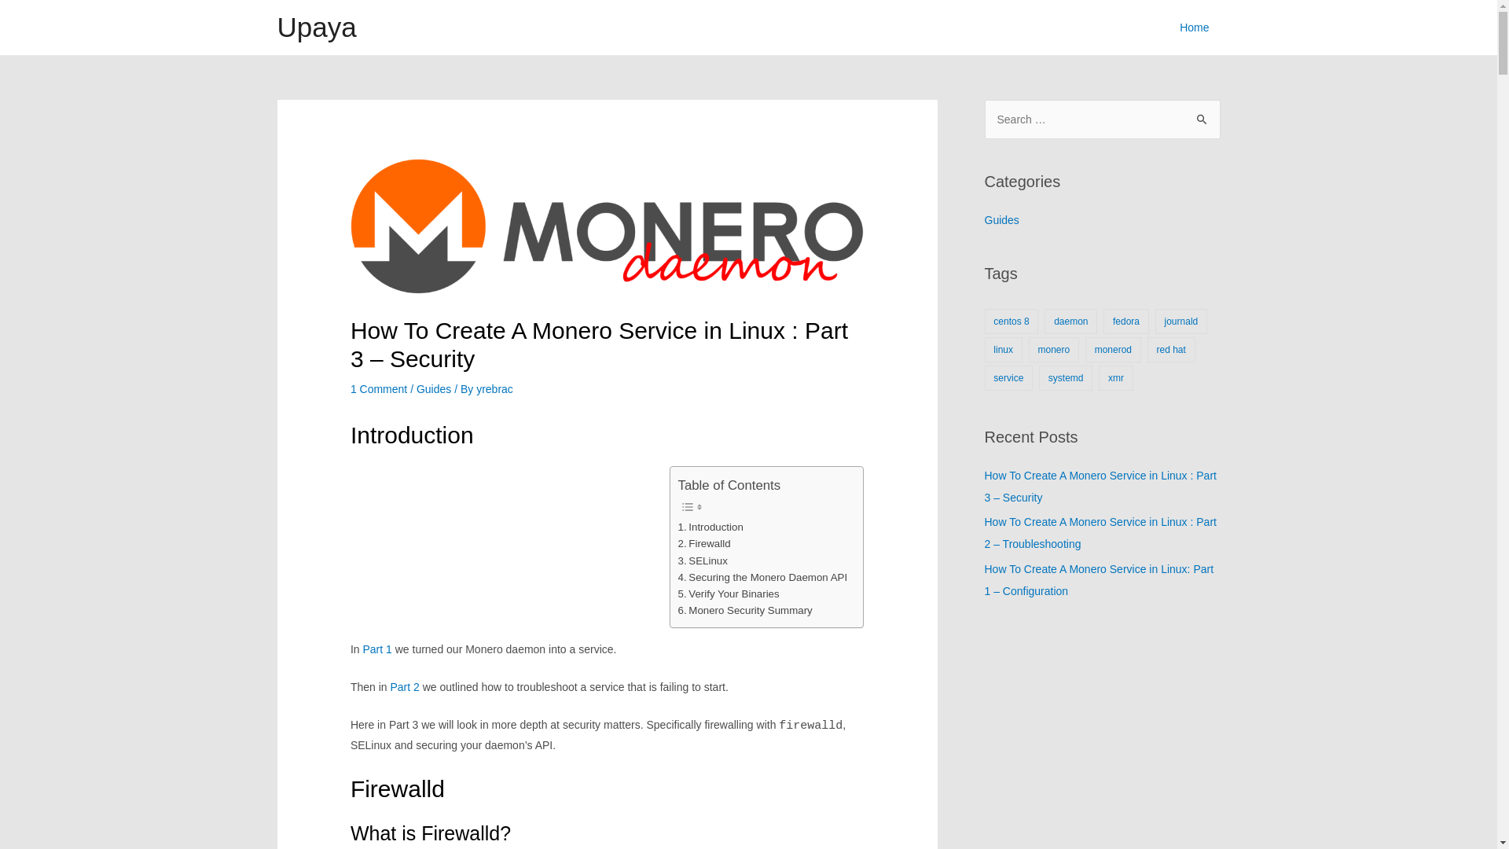  I want to click on 'Home', so click(1194, 27).